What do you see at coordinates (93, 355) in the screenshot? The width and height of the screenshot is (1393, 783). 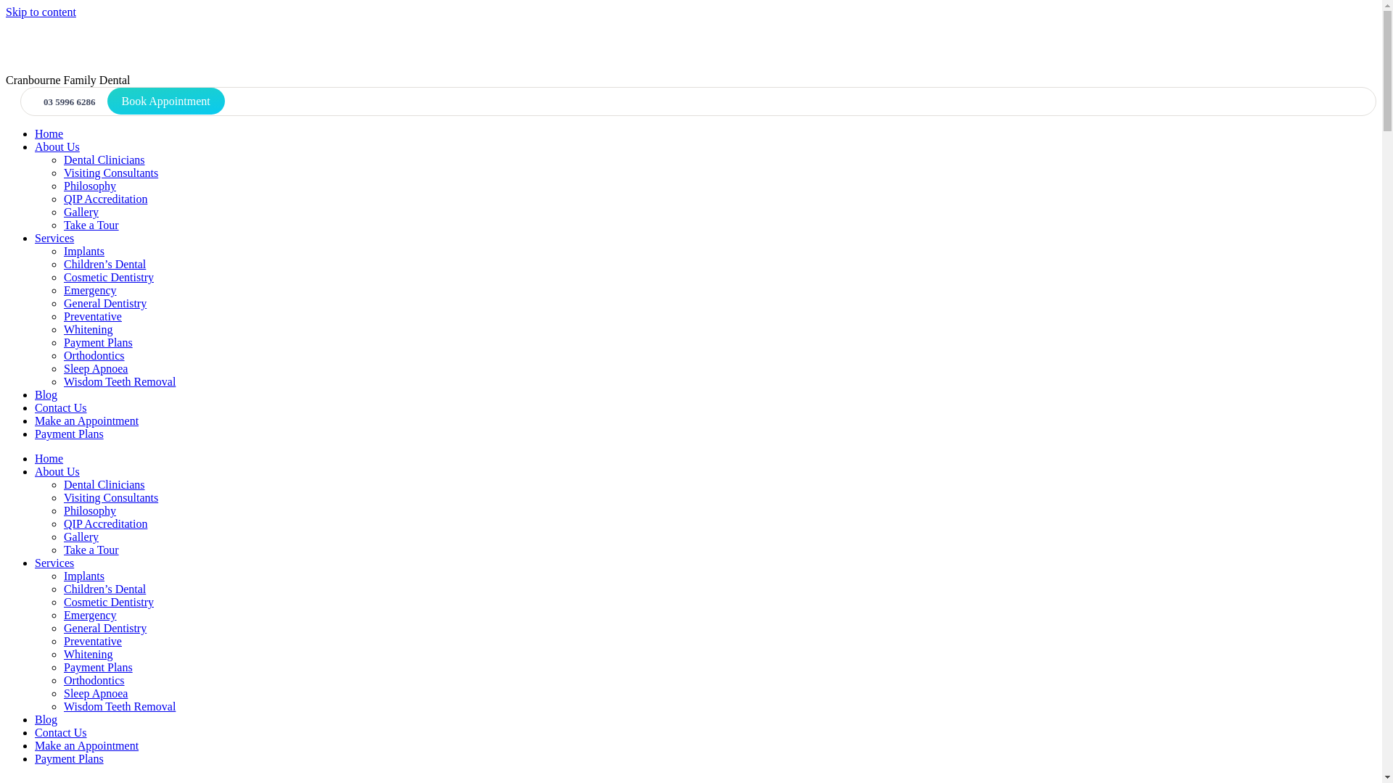 I see `'Orthodontics'` at bounding box center [93, 355].